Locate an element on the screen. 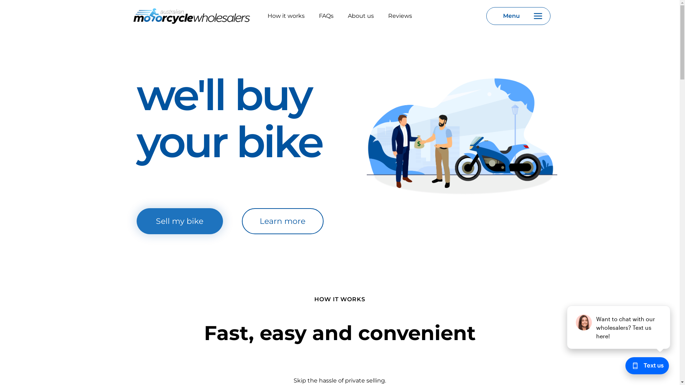 This screenshot has height=385, width=685. 'Reviews' is located at coordinates (400, 16).